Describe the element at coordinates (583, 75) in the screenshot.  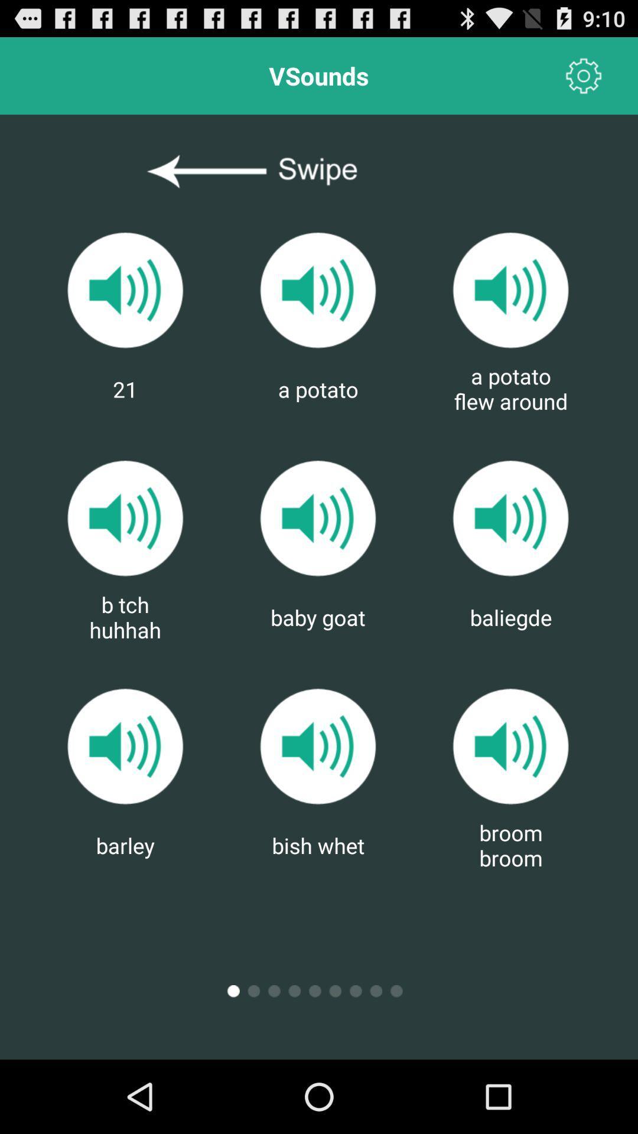
I see `tap to setting` at that location.